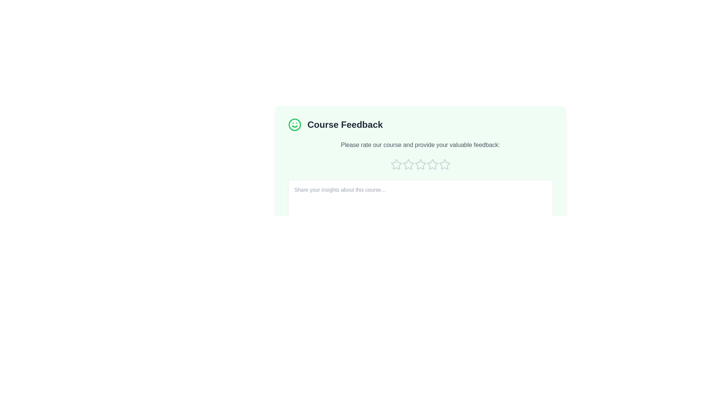 This screenshot has height=406, width=723. What do you see at coordinates (432, 164) in the screenshot?
I see `the fourth star in the rating component located below the text 'Please rate our course and provide your valuable feedback.'` at bounding box center [432, 164].